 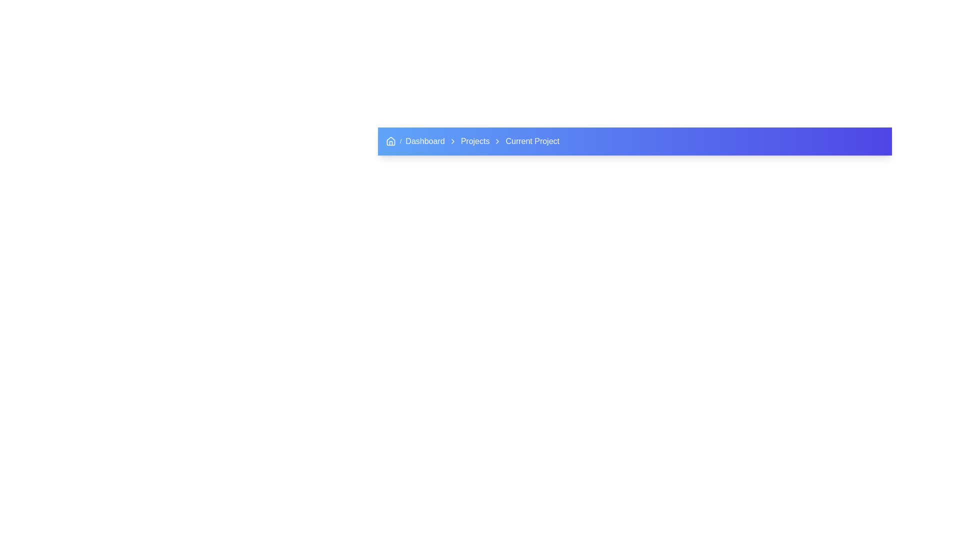 What do you see at coordinates (474, 141) in the screenshot?
I see `the third interactive hyperlink in the breadcrumb navigation bar` at bounding box center [474, 141].